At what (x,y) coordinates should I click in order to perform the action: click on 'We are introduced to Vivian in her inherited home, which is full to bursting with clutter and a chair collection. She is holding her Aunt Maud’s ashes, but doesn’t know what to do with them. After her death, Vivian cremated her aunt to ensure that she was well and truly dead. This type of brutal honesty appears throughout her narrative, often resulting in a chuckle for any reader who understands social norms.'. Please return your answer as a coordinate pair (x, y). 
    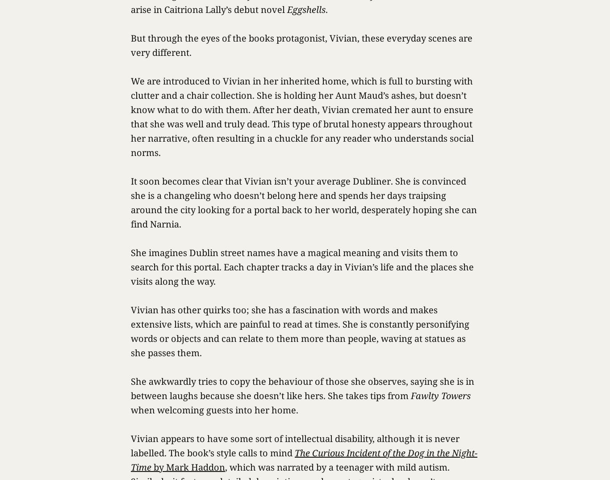
    Looking at the image, I should click on (301, 116).